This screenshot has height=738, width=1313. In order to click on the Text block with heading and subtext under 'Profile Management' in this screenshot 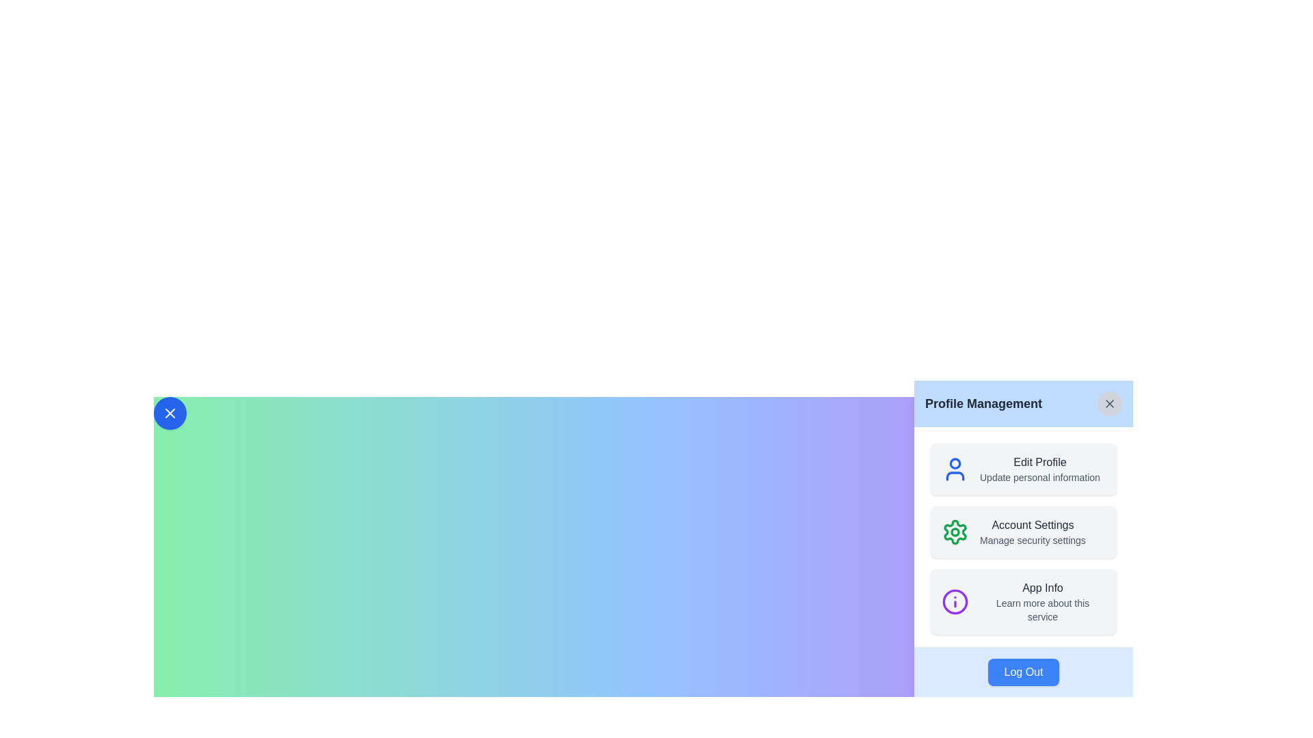, I will do `click(1042, 601)`.